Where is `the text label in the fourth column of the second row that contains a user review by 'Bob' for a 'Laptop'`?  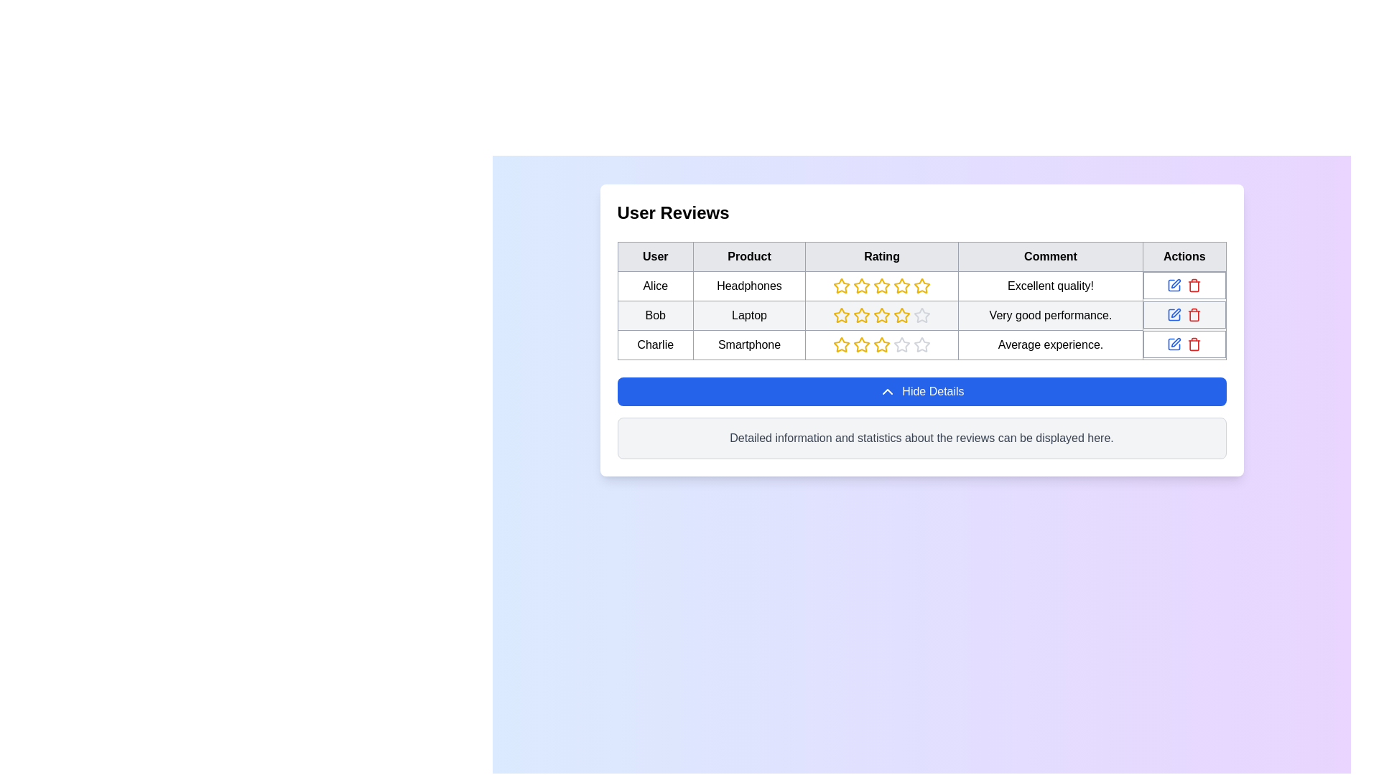
the text label in the fourth column of the second row that contains a user review by 'Bob' for a 'Laptop' is located at coordinates (1051, 314).